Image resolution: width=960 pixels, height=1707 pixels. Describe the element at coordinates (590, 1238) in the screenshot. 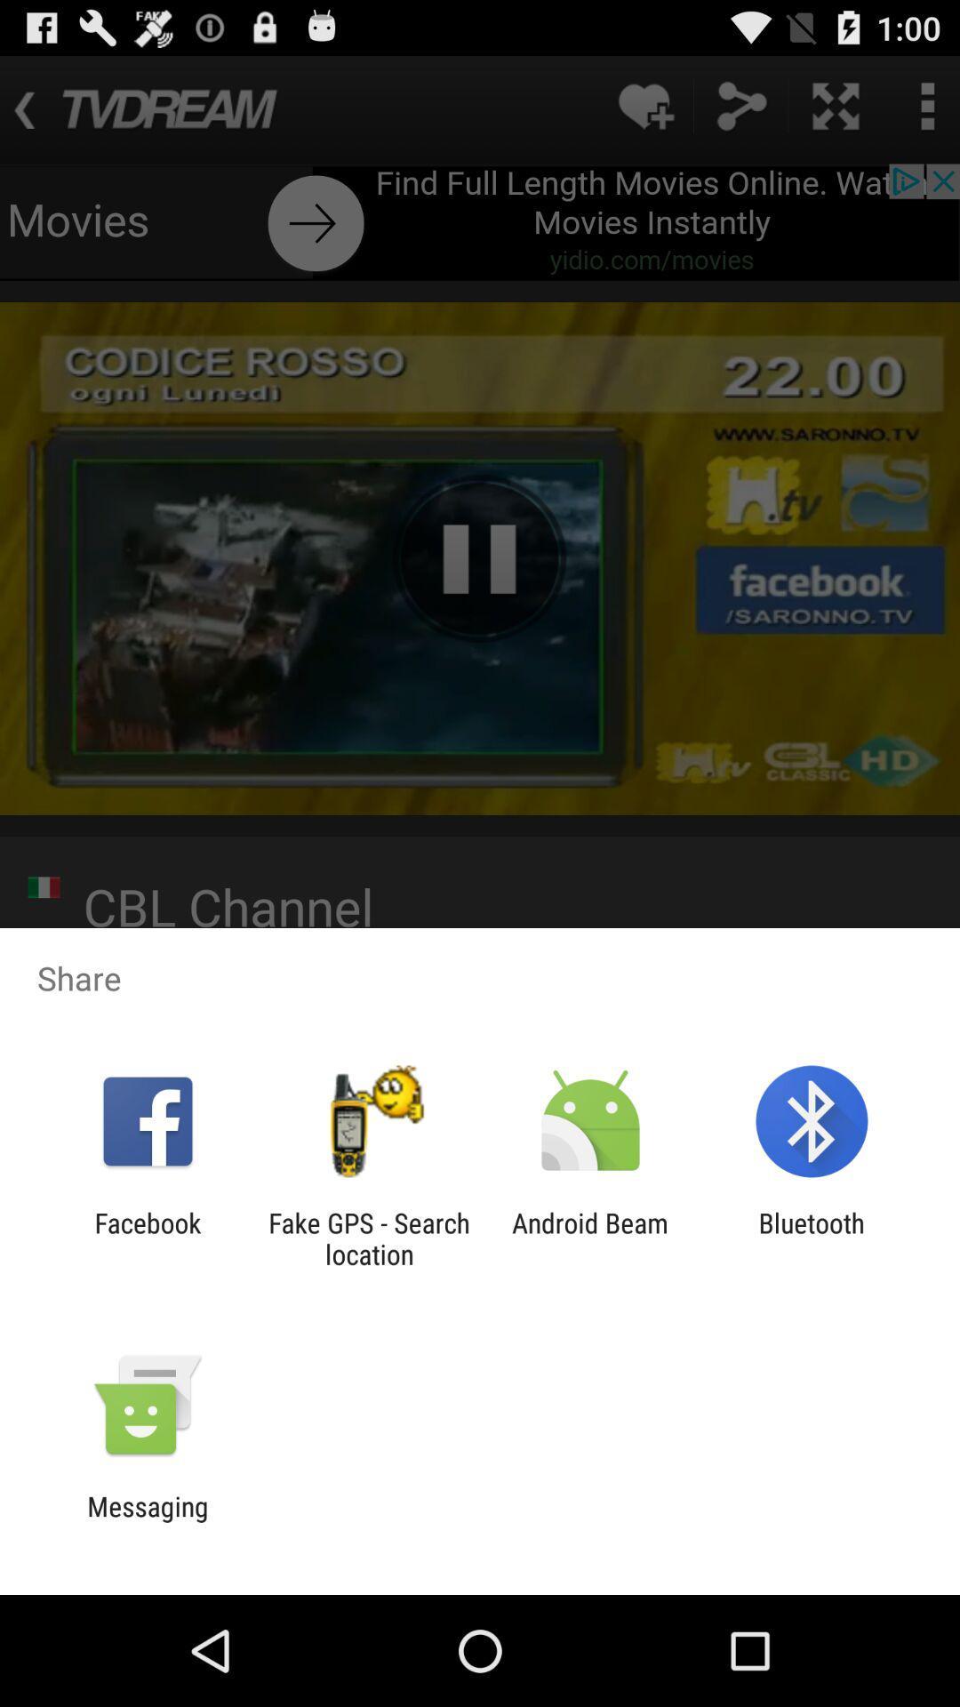

I see `the icon to the left of bluetooth icon` at that location.